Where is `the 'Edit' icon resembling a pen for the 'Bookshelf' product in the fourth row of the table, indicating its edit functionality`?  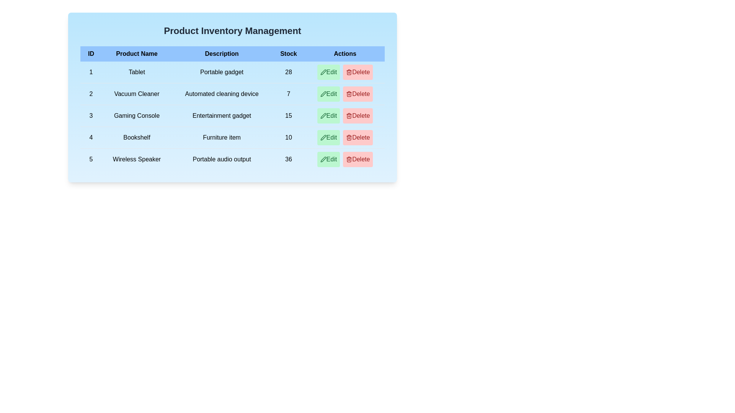 the 'Edit' icon resembling a pen for the 'Bookshelf' product in the fourth row of the table, indicating its edit functionality is located at coordinates (323, 137).